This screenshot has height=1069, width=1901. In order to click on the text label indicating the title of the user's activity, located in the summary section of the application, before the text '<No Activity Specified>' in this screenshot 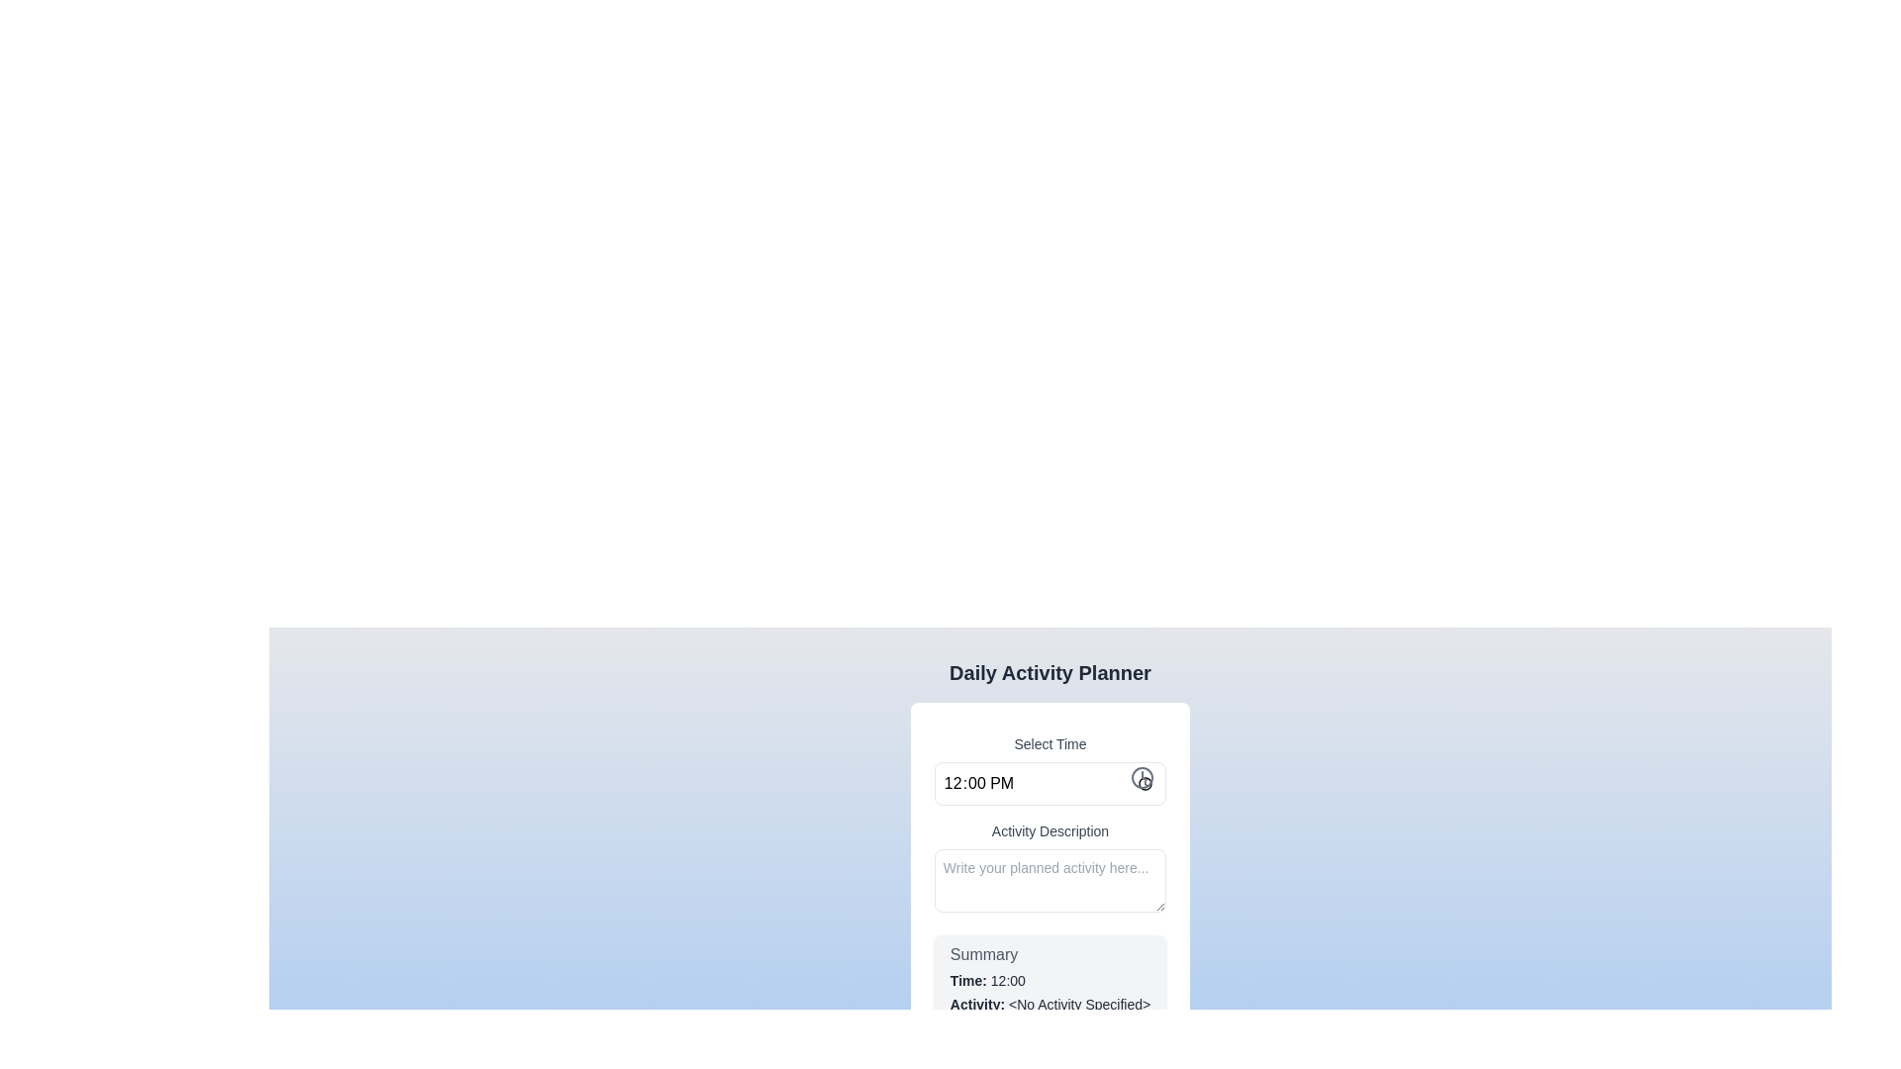, I will do `click(979, 1004)`.